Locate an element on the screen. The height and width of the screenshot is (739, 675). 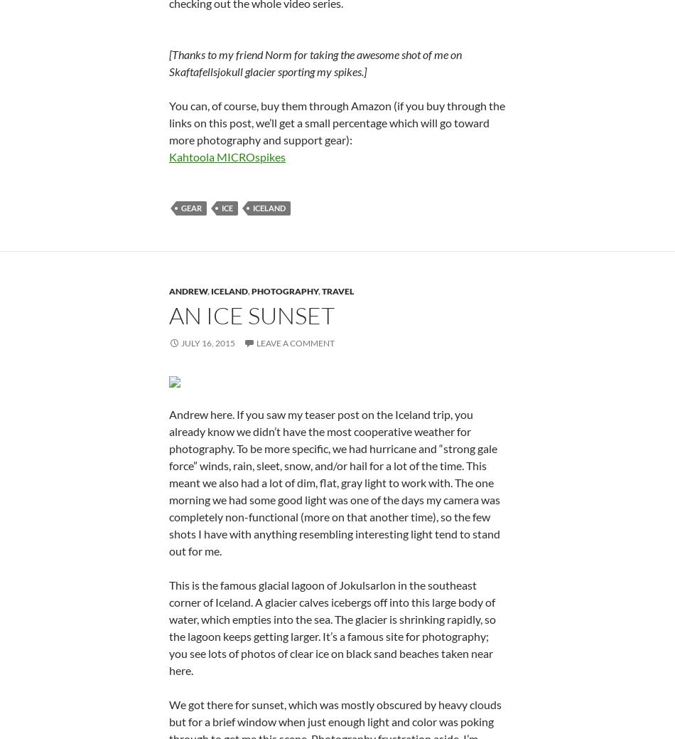
'Kahtoola MICROspikes' is located at coordinates (168, 329).